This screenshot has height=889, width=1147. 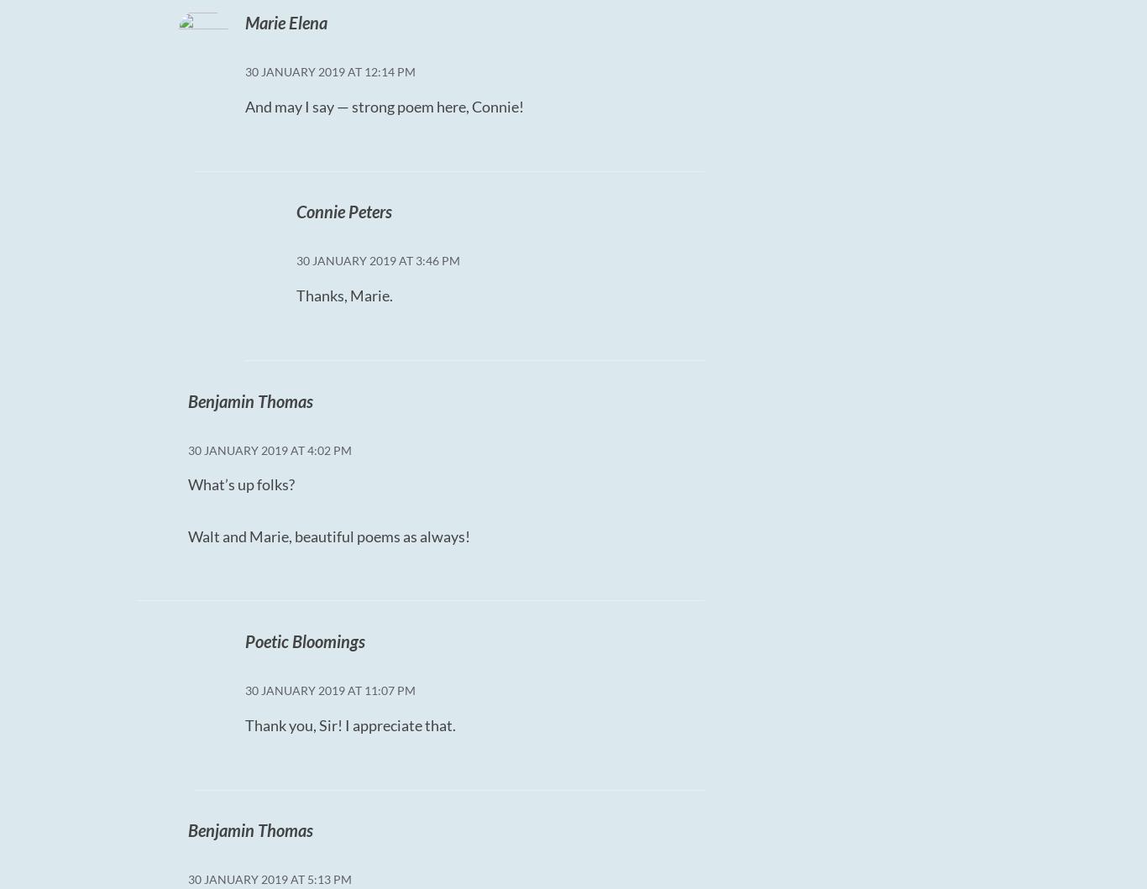 What do you see at coordinates (303, 640) in the screenshot?
I see `'Poetic Bloomings'` at bounding box center [303, 640].